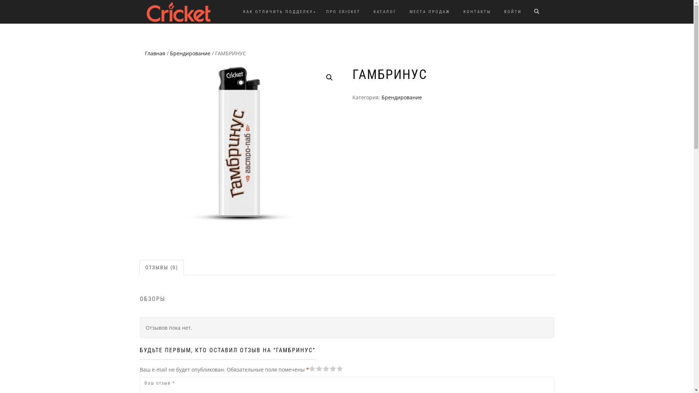  I want to click on '2', so click(309, 369).